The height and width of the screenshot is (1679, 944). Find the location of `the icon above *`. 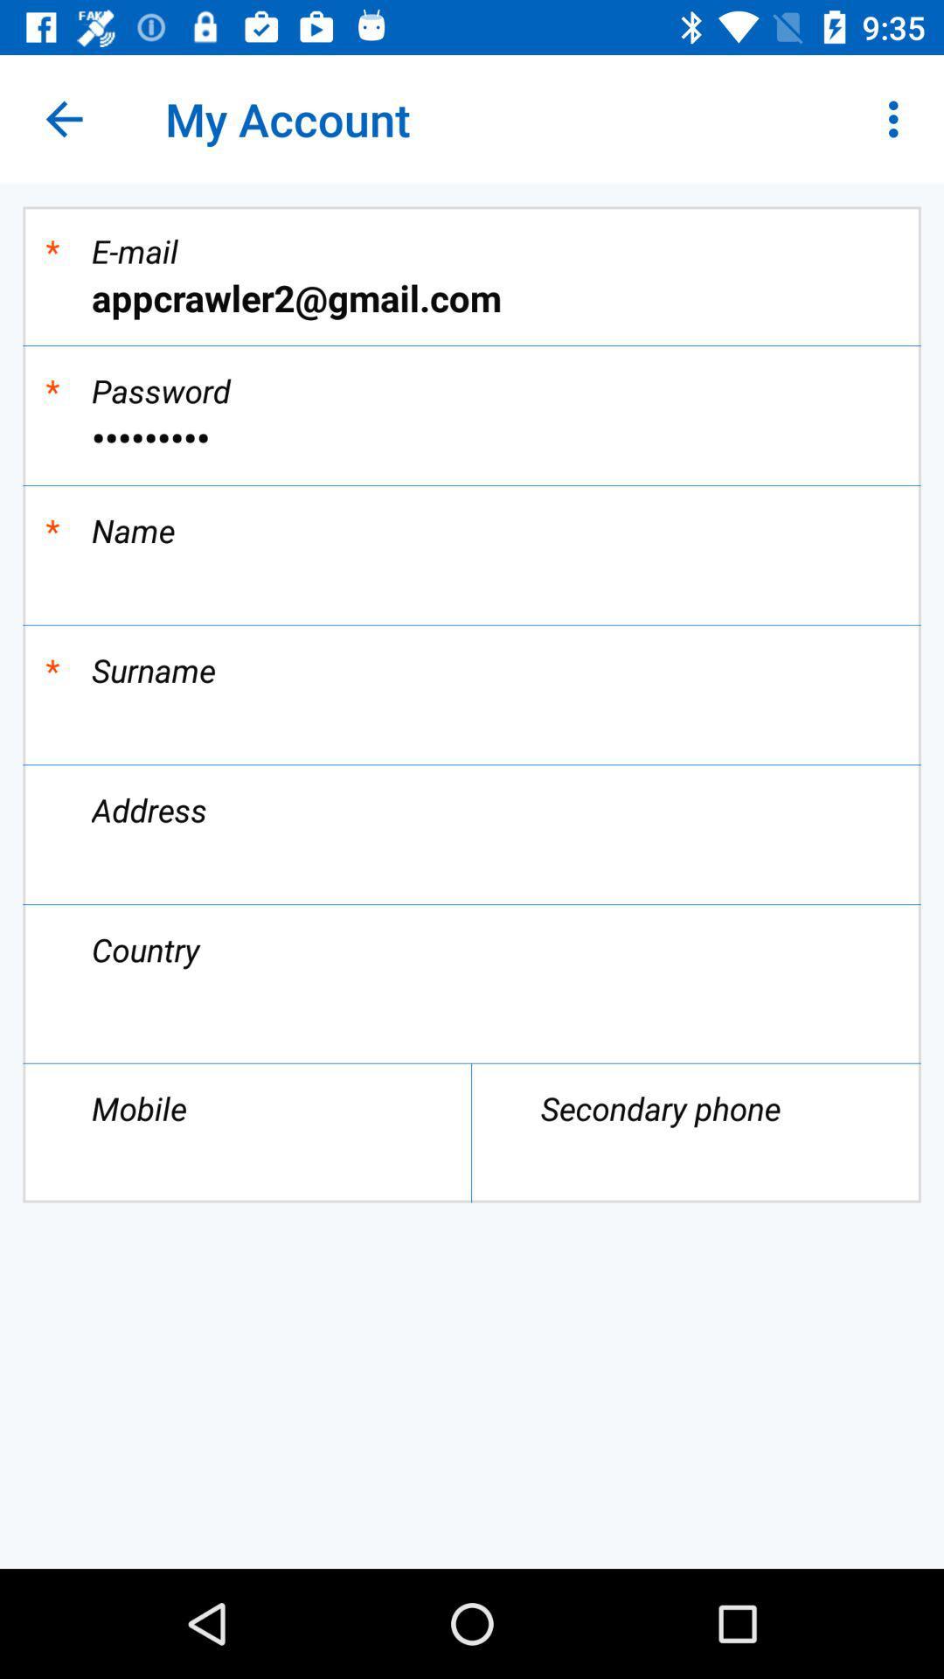

the icon above * is located at coordinates (63, 118).